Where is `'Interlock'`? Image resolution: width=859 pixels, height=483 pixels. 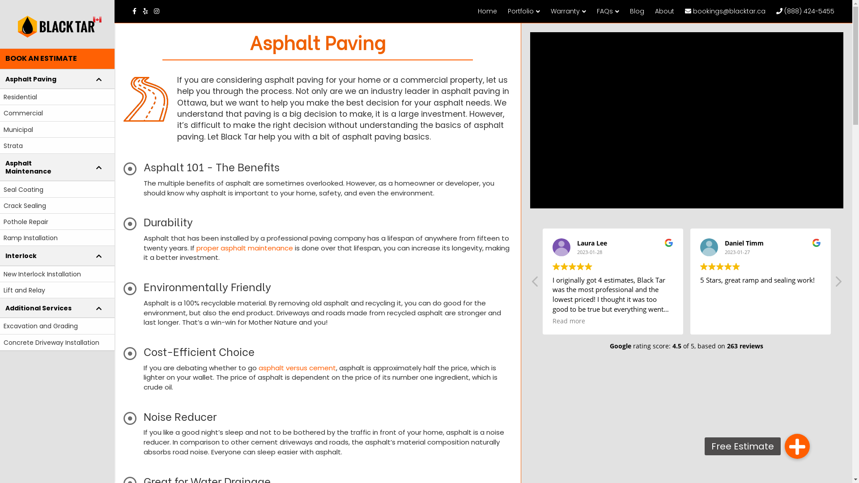
'Interlock' is located at coordinates (57, 255).